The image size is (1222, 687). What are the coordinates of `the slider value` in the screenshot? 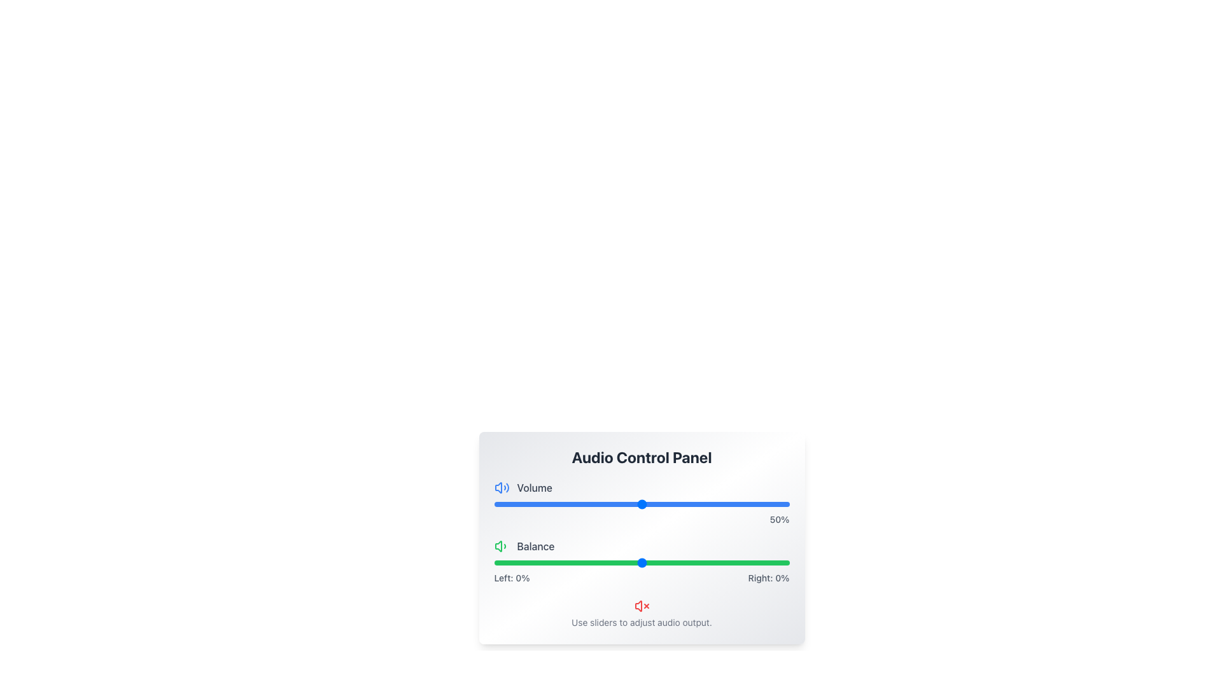 It's located at (730, 504).